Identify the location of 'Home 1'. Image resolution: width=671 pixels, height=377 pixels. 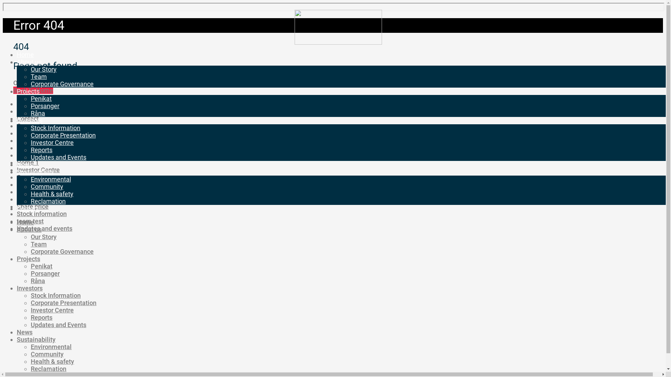
(28, 162).